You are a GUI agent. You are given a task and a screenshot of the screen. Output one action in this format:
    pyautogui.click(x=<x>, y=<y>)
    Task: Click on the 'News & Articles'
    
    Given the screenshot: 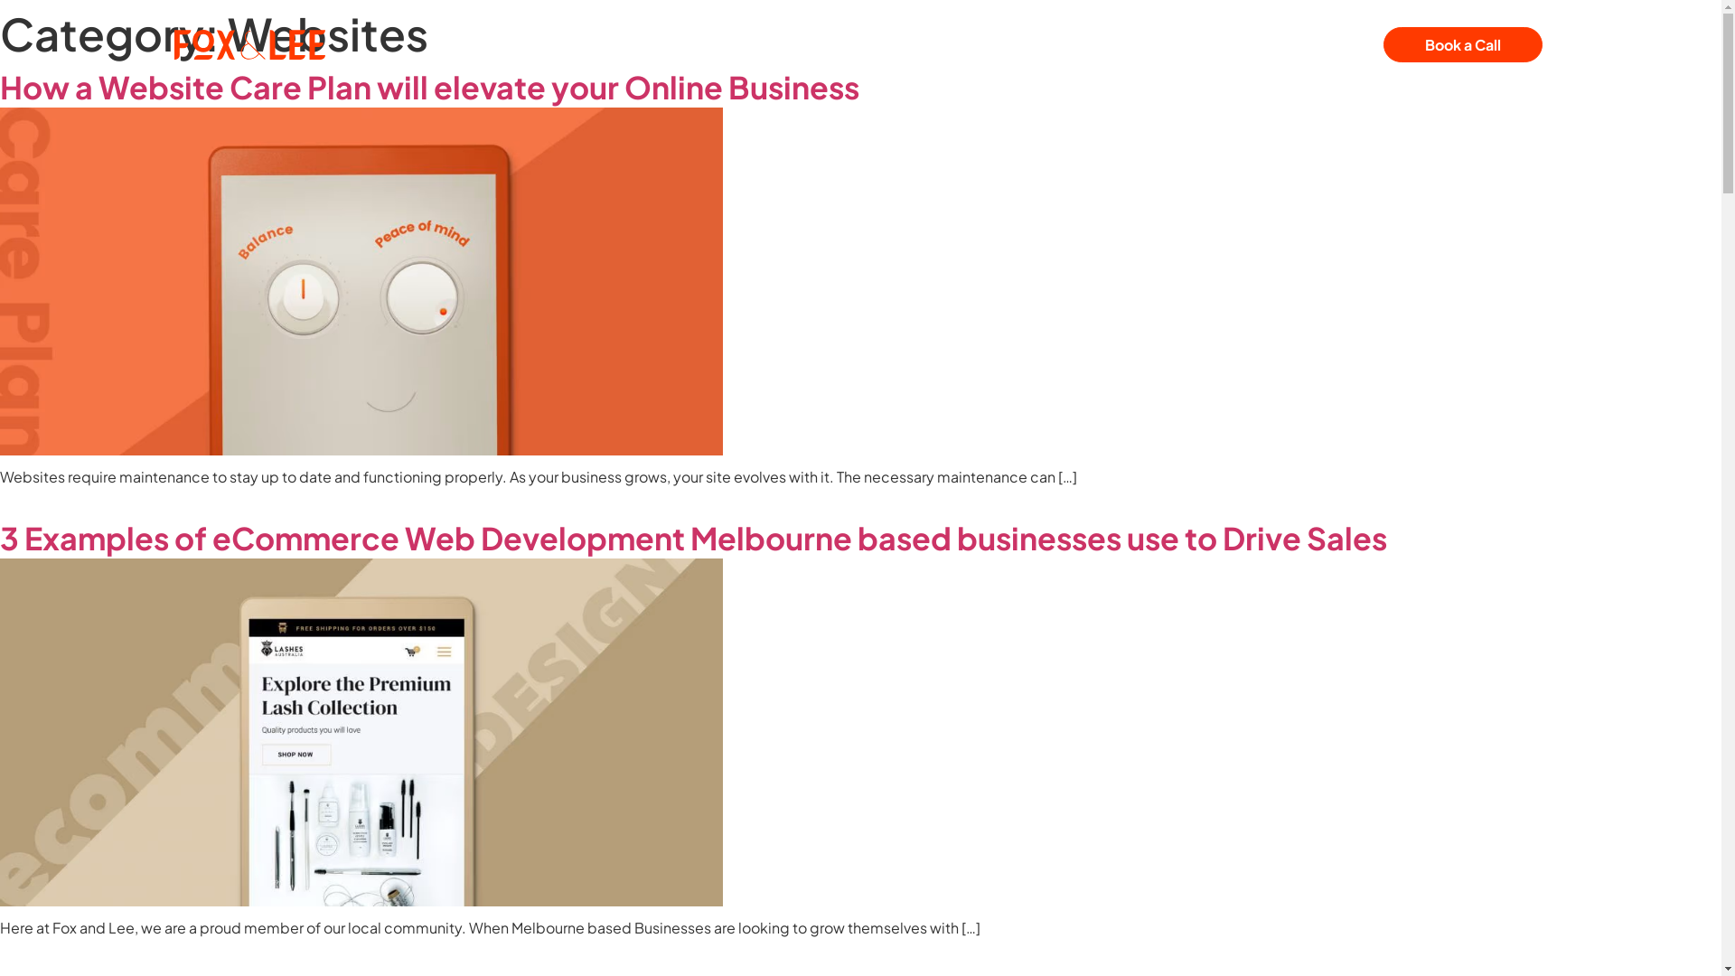 What is the action you would take?
    pyautogui.click(x=975, y=43)
    